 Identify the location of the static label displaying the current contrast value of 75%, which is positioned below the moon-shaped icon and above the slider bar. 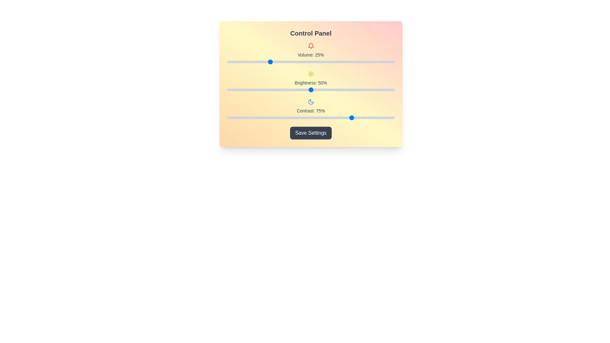
(311, 110).